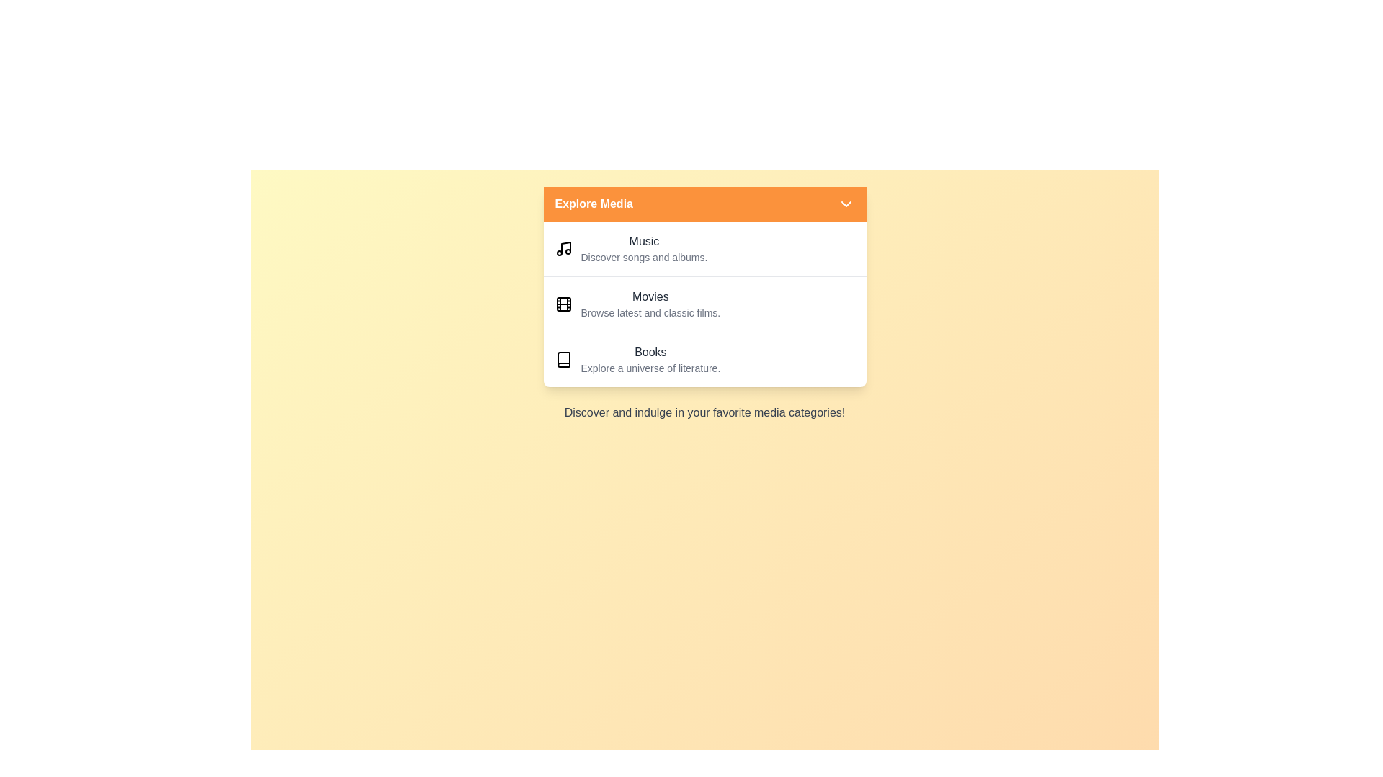  I want to click on the icon representing the Music category, so click(563, 248).